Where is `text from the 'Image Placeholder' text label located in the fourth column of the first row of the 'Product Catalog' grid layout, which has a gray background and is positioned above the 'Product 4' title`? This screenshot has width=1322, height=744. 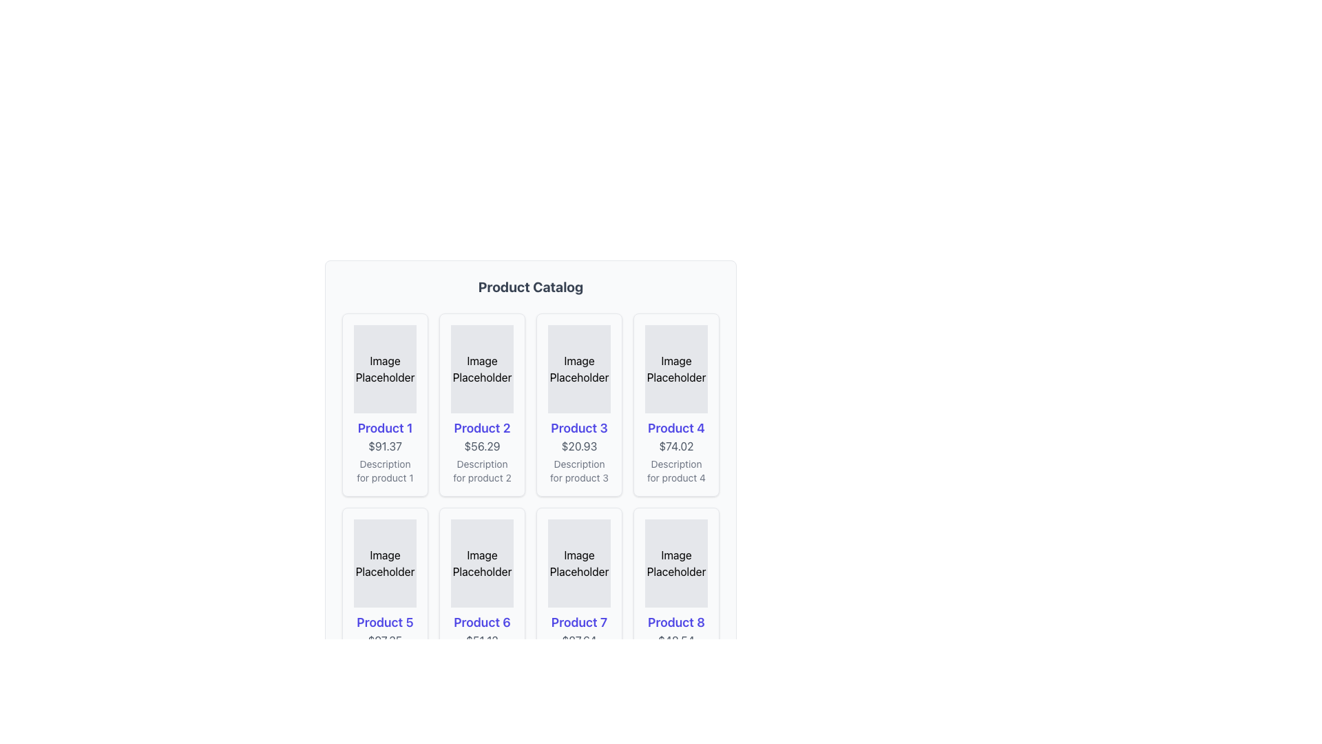
text from the 'Image Placeholder' text label located in the fourth column of the first row of the 'Product Catalog' grid layout, which has a gray background and is positioned above the 'Product 4' title is located at coordinates (676, 369).